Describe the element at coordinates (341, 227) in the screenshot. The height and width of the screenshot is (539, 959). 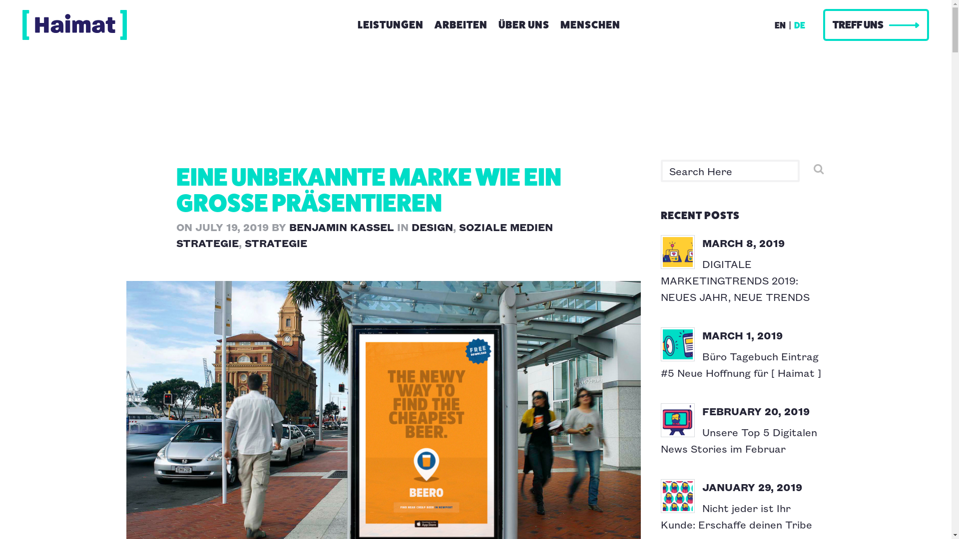
I see `'BENJAMIN KASSEL'` at that location.